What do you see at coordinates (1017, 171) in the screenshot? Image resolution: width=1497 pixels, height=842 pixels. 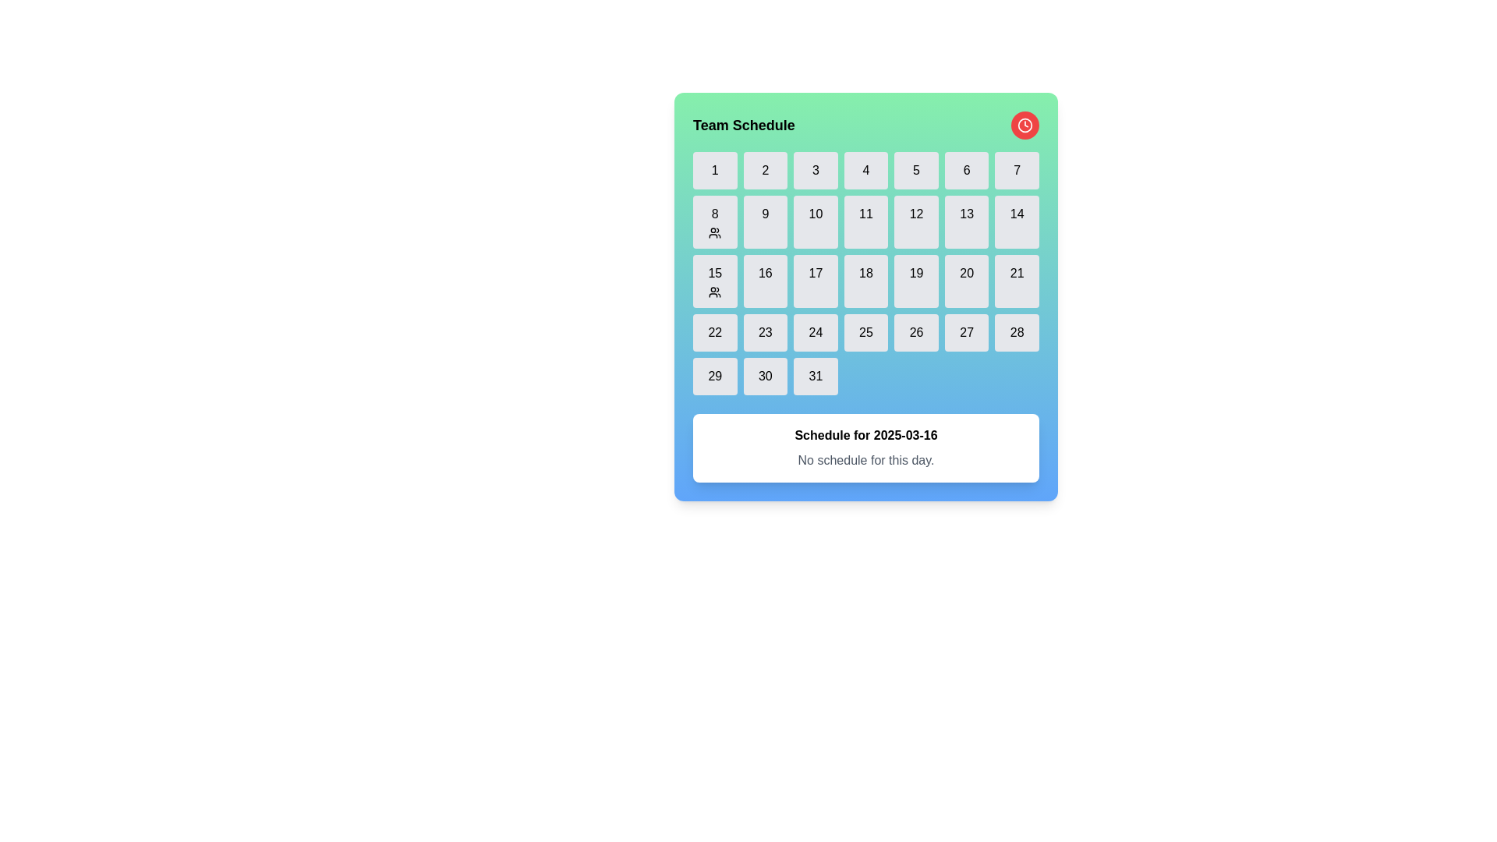 I see `the button representing the seventh day in the calendar grid` at bounding box center [1017, 171].